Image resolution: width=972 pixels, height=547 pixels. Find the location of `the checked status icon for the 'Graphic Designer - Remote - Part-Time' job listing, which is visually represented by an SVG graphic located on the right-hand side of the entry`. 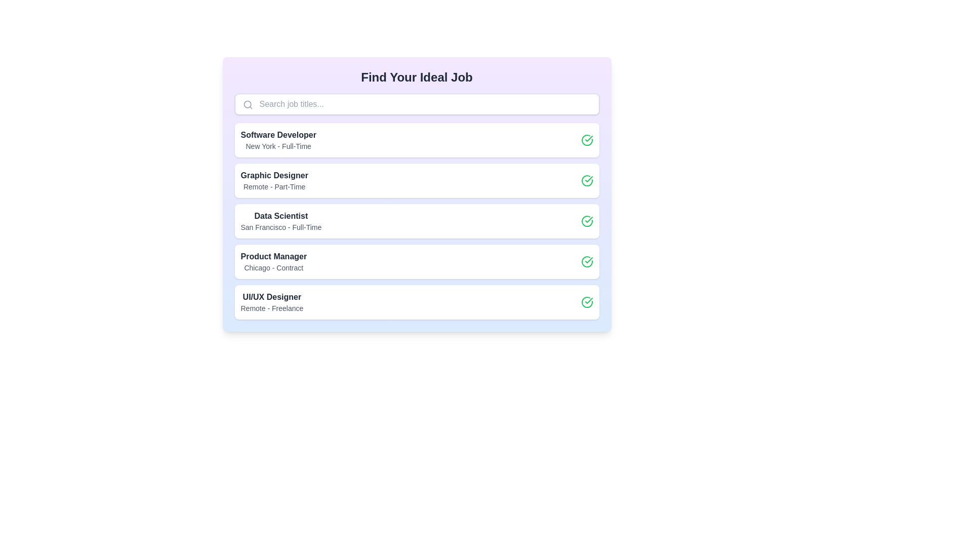

the checked status icon for the 'Graphic Designer - Remote - Part-Time' job listing, which is visually represented by an SVG graphic located on the right-hand side of the entry is located at coordinates (587, 180).